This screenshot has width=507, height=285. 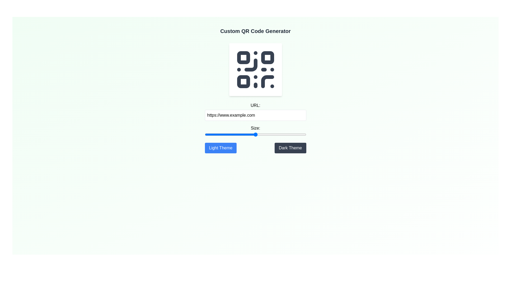 What do you see at coordinates (250, 134) in the screenshot?
I see `the slider` at bounding box center [250, 134].